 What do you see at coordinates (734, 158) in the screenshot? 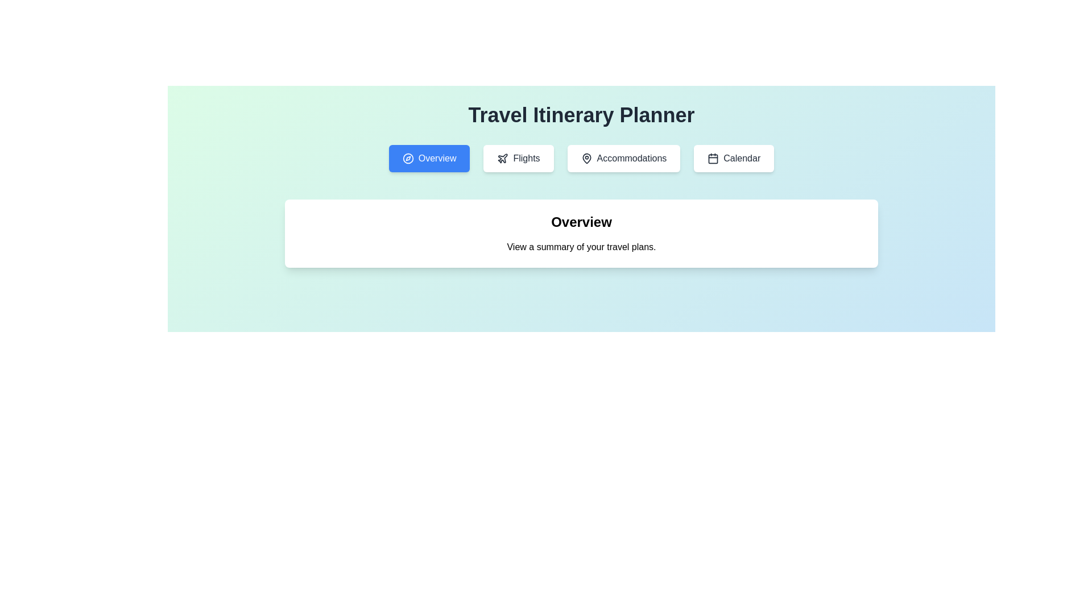
I see `the 'Calendar' button with a white background and gray text` at bounding box center [734, 158].